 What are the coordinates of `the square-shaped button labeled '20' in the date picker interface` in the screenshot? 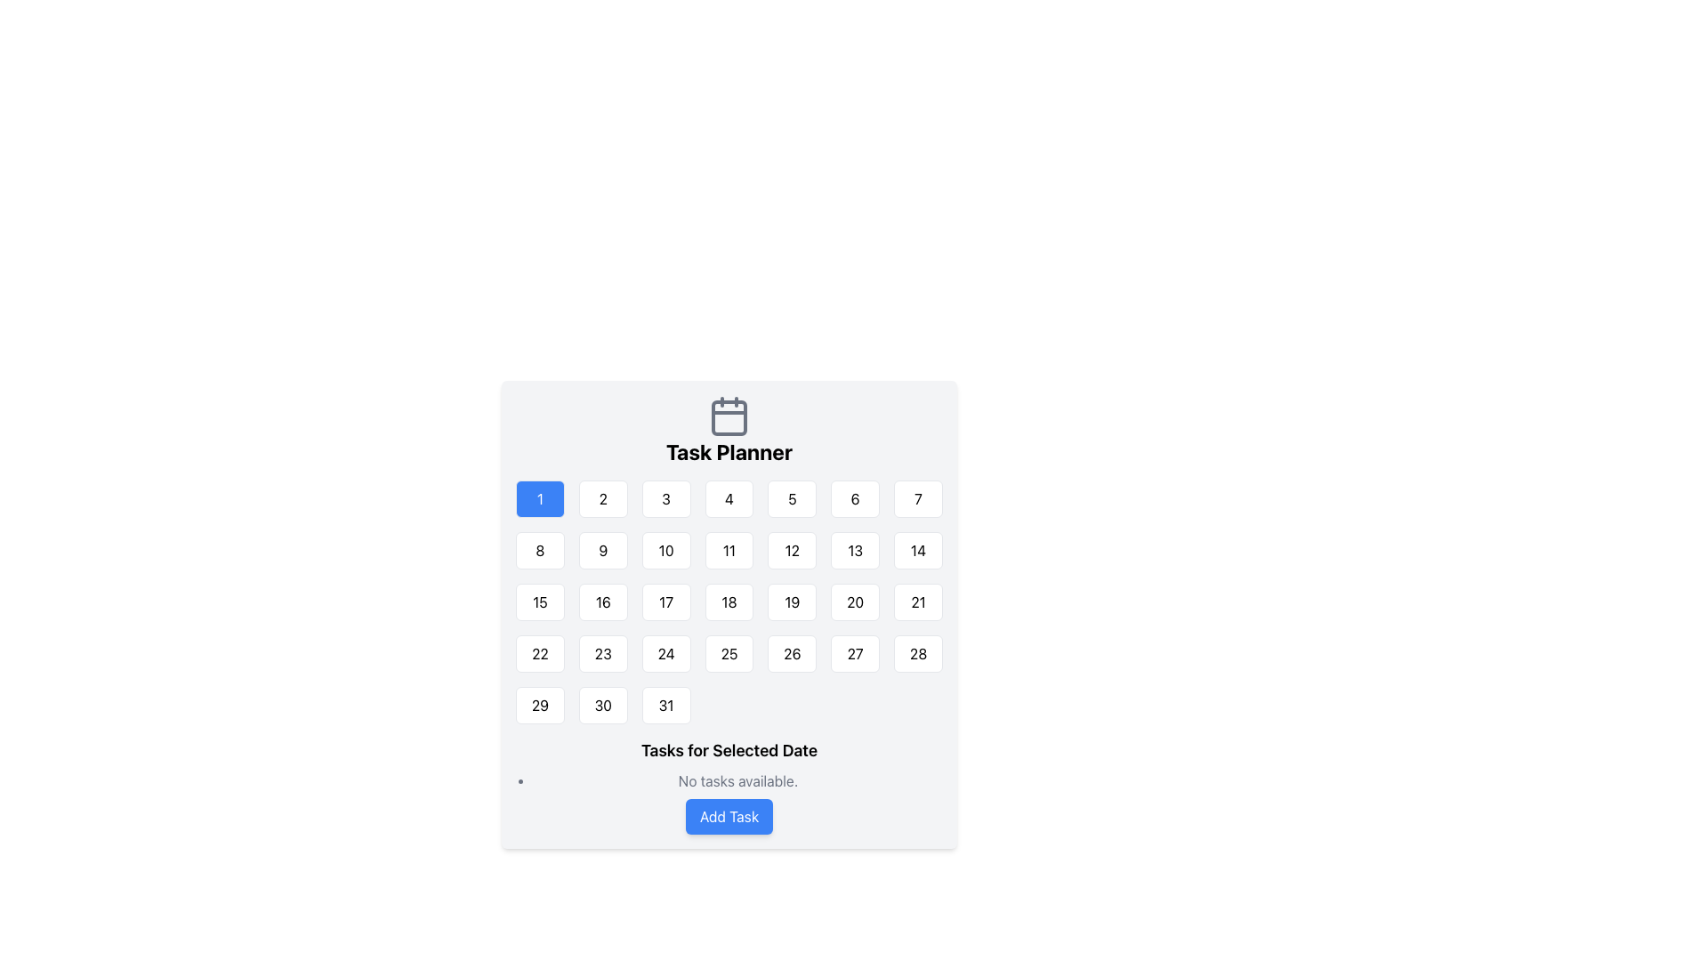 It's located at (855, 602).